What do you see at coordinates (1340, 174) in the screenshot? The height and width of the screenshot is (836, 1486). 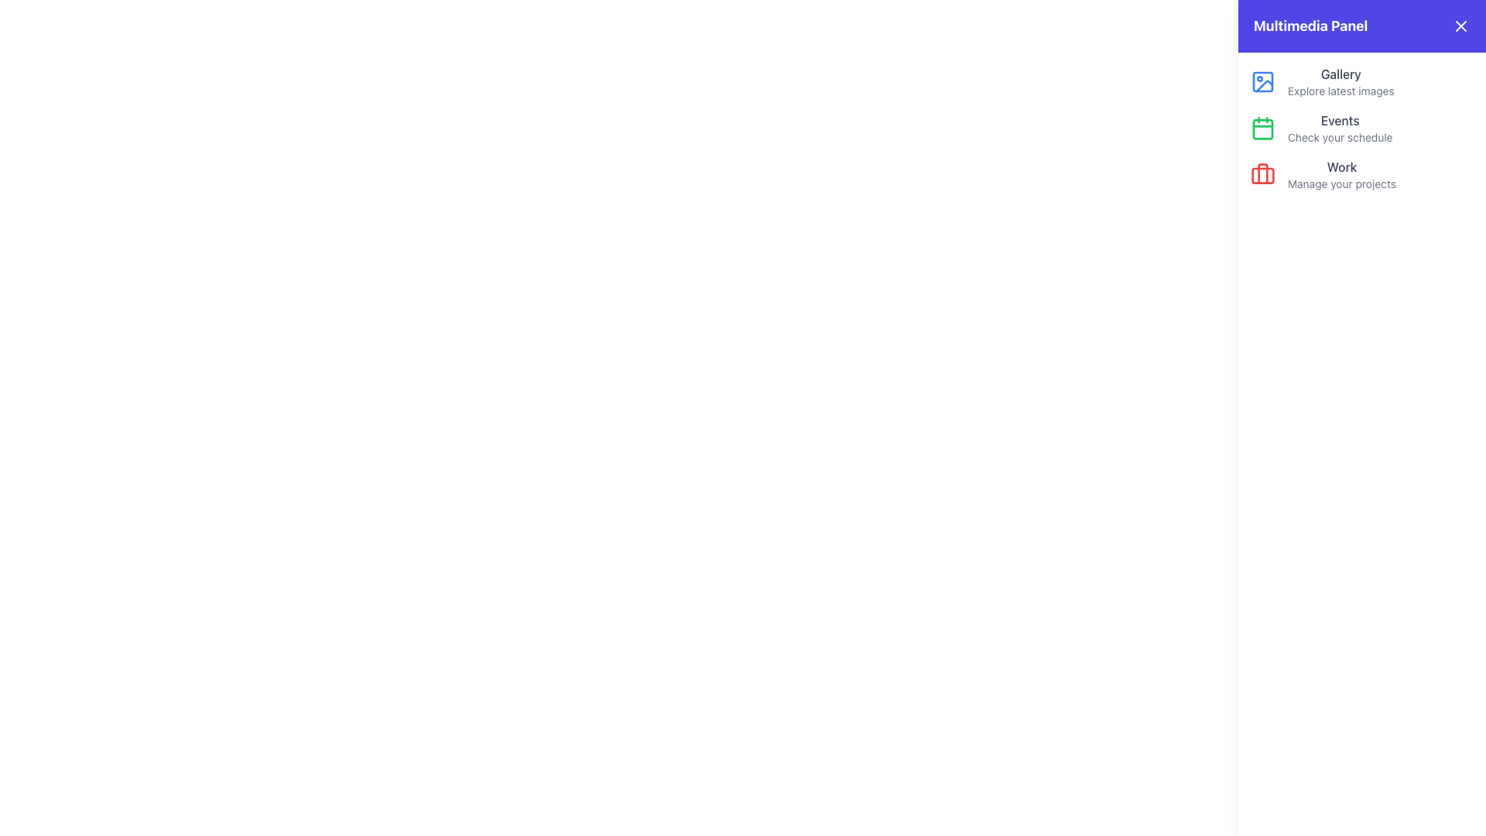 I see `the 'Work' label` at bounding box center [1340, 174].